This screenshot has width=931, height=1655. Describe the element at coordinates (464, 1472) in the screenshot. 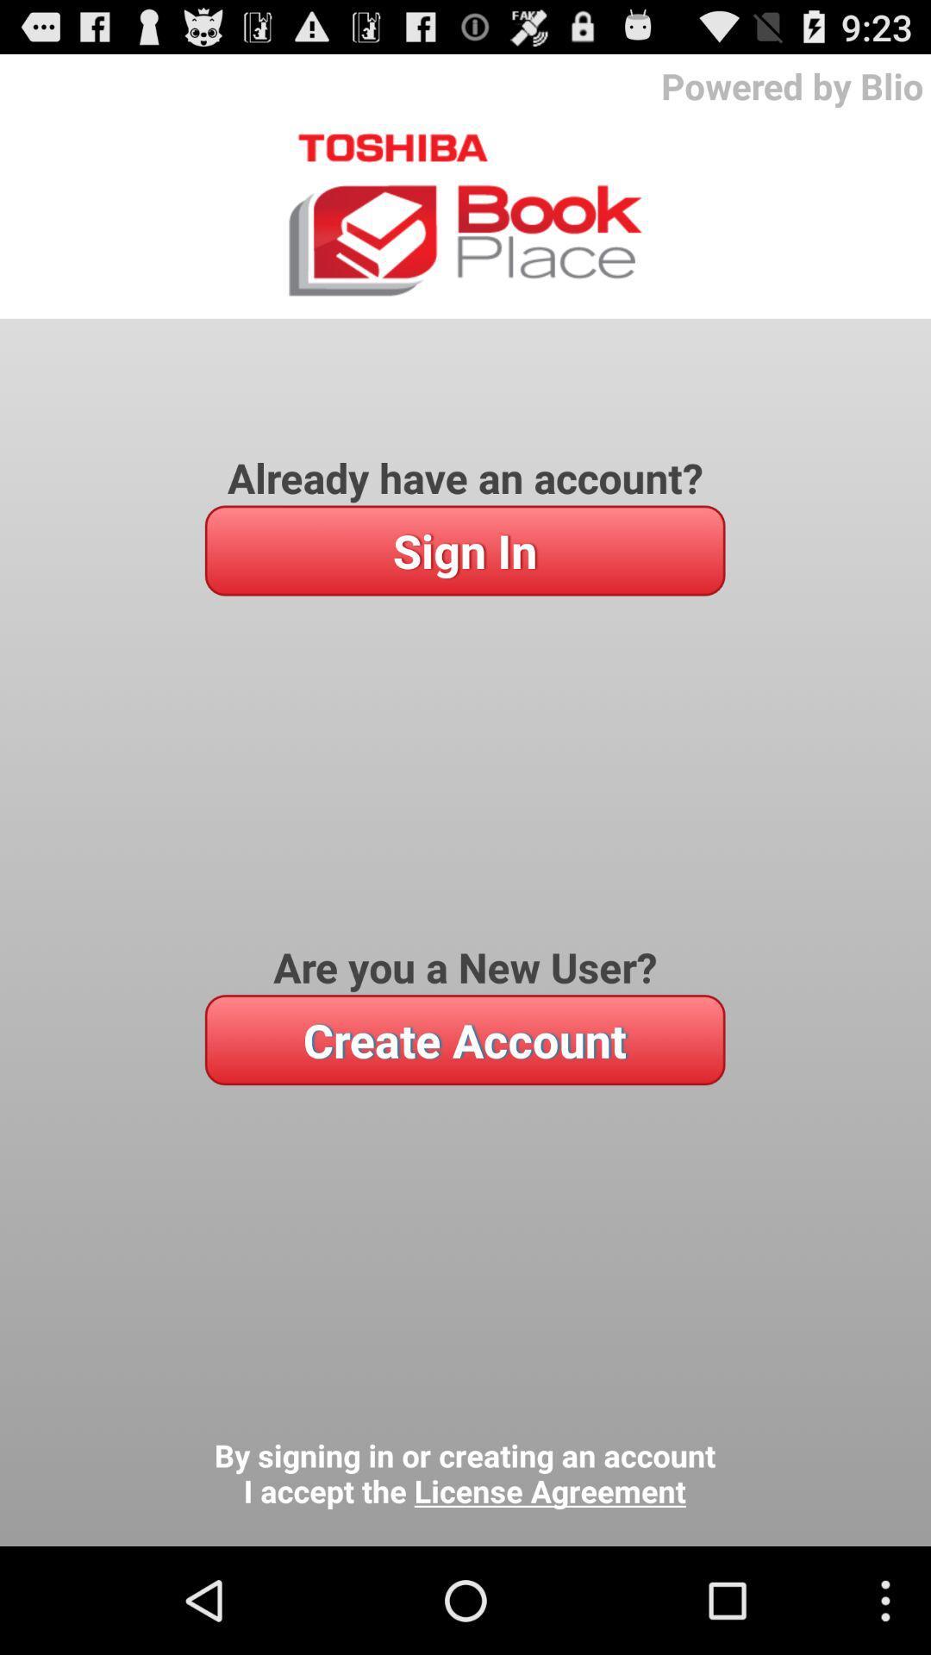

I see `the icon below the create account icon` at that location.